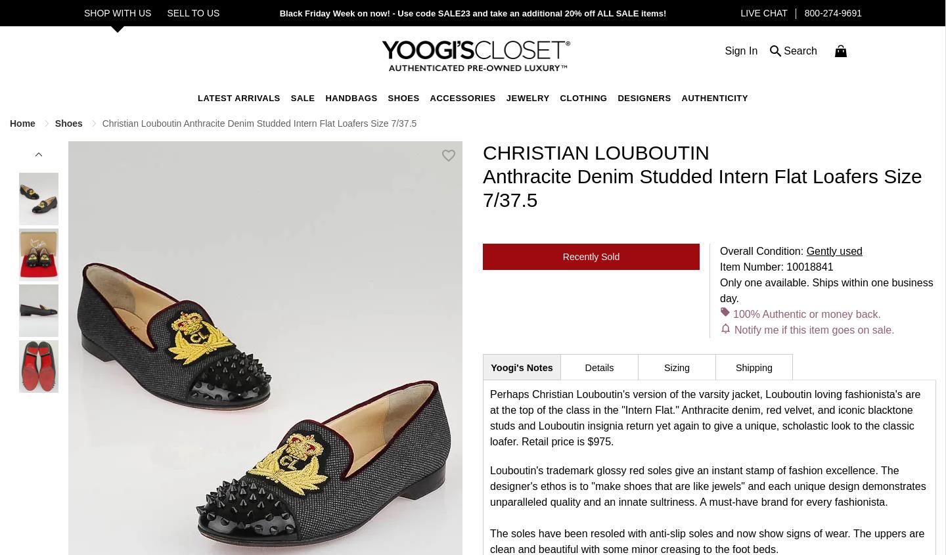 The height and width of the screenshot is (555, 946). What do you see at coordinates (238, 98) in the screenshot?
I see `'Latest Arrivals'` at bounding box center [238, 98].